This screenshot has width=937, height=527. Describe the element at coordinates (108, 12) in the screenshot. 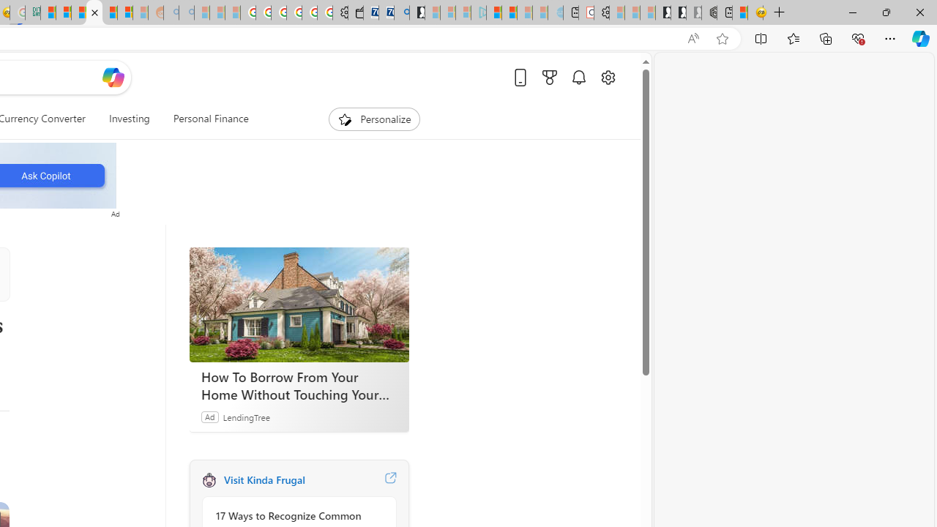

I see `'Kinda Frugal - MSN'` at that location.